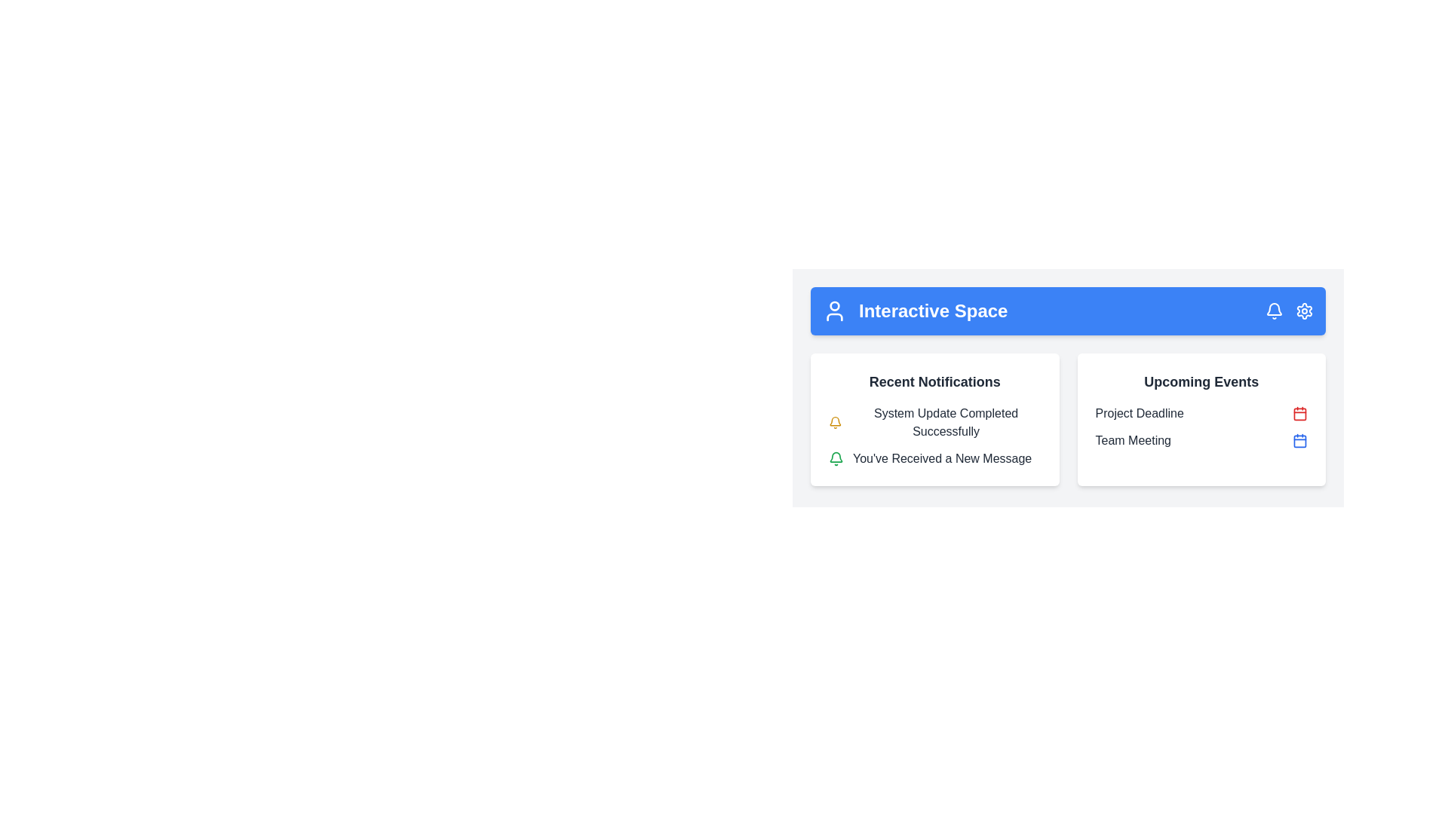  What do you see at coordinates (932, 310) in the screenshot?
I see `the static text label located at the center of the header section, which serves as a title or header for the interactive space` at bounding box center [932, 310].